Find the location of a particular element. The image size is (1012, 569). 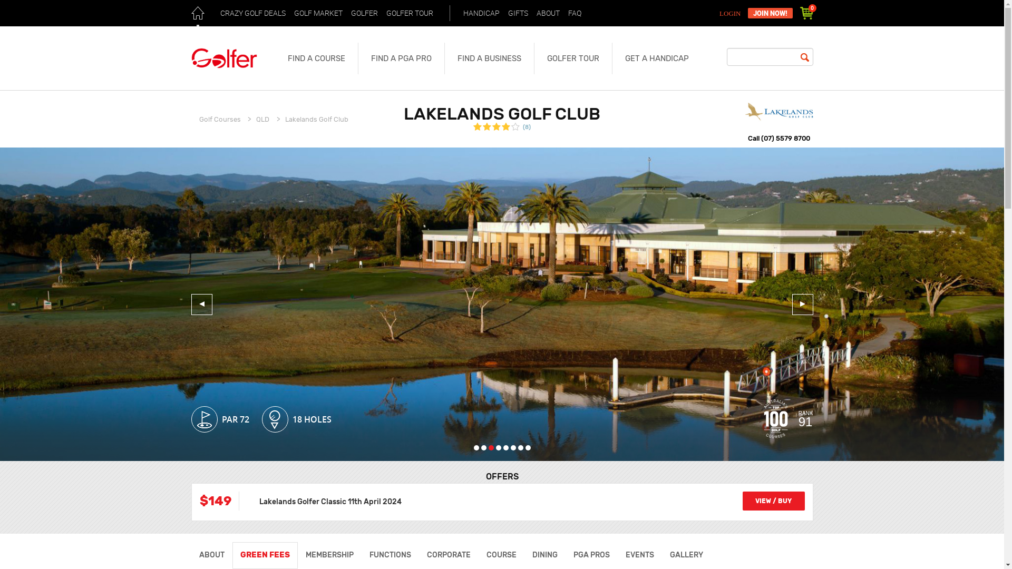

'GIFTS' is located at coordinates (518, 13).